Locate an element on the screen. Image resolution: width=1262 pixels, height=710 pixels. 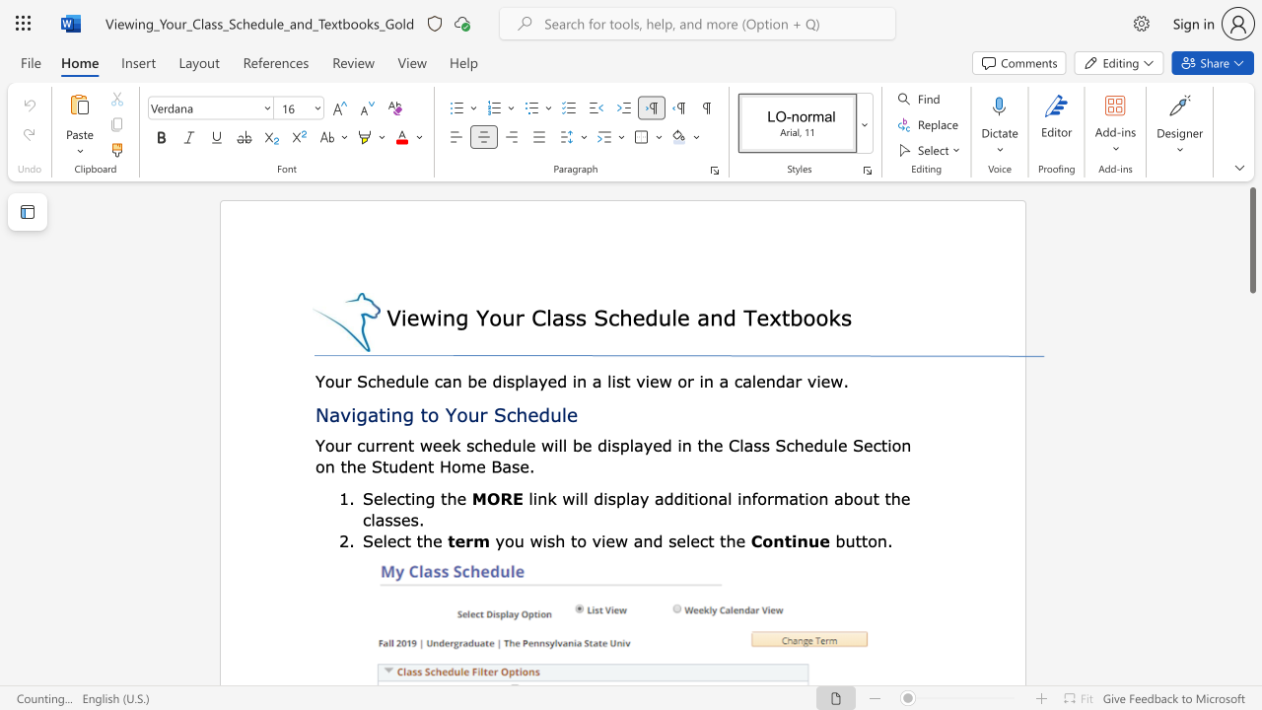
the right-hand scrollbar to descend the page is located at coordinates (1251, 394).